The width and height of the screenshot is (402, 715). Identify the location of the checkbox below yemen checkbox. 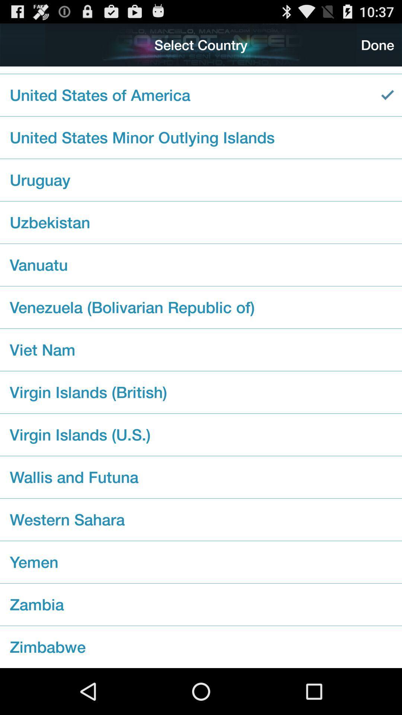
(201, 604).